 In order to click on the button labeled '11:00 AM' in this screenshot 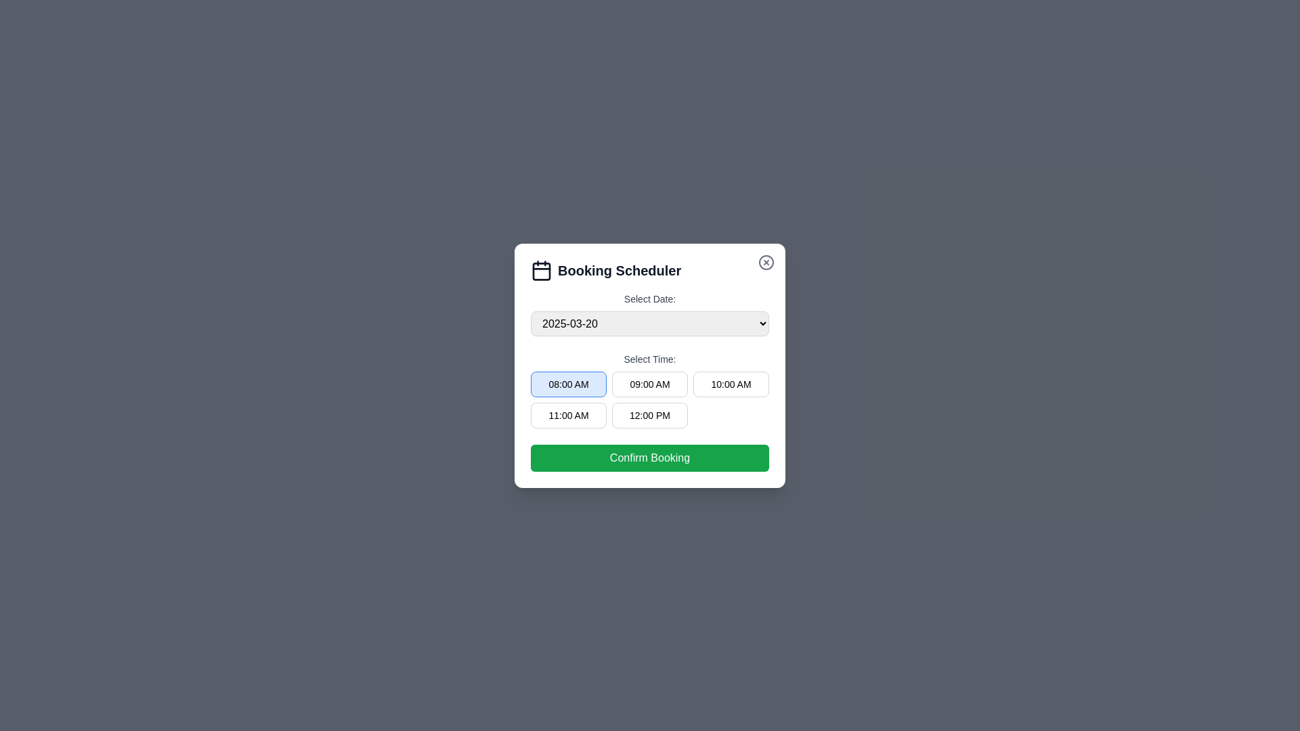, I will do `click(569, 414)`.